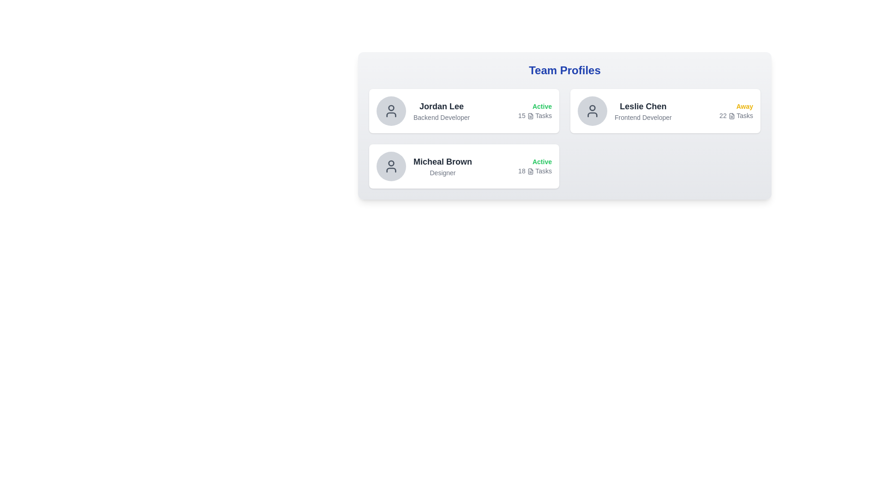 Image resolution: width=886 pixels, height=498 pixels. What do you see at coordinates (592, 114) in the screenshot?
I see `the lower portion of the profile picture icon representing 'Leslie Chen' in the 'Team Profiles' section` at bounding box center [592, 114].